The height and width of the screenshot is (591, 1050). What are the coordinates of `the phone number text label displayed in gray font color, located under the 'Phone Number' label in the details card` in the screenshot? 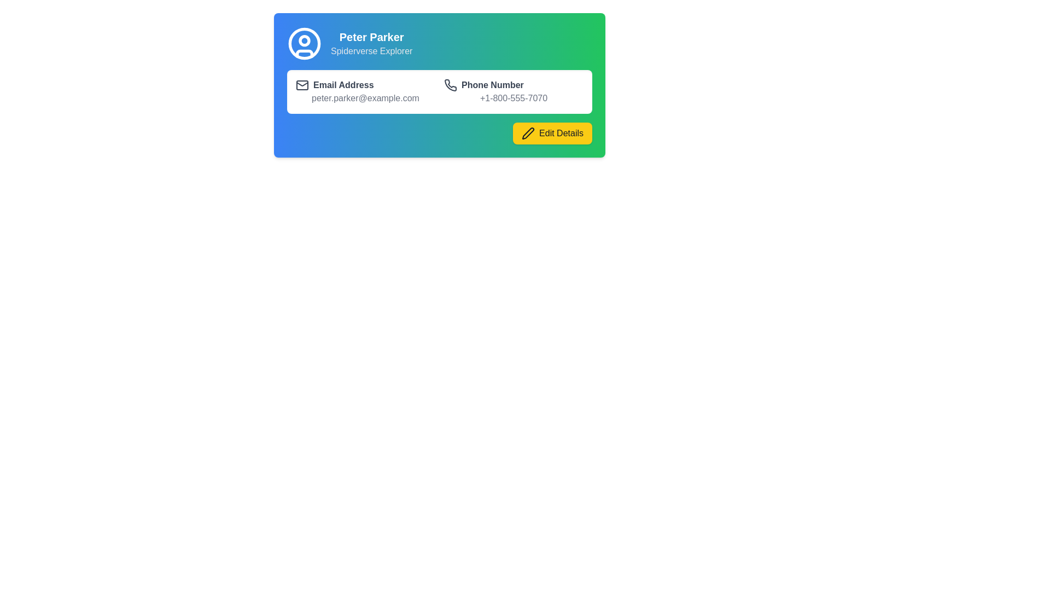 It's located at (513, 99).